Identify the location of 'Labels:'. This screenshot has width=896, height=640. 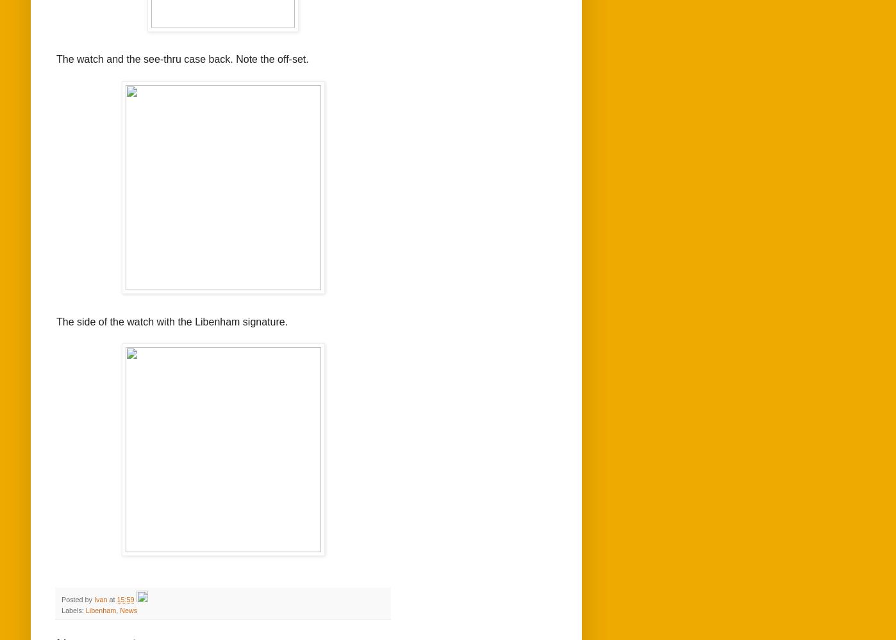
(73, 610).